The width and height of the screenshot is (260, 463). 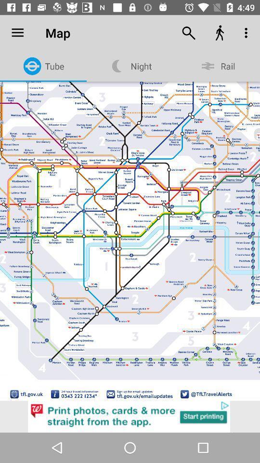 I want to click on icon above the rail, so click(x=247, y=33).